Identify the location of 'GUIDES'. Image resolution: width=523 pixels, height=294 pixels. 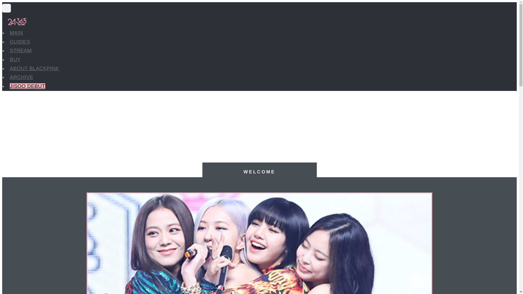
(20, 41).